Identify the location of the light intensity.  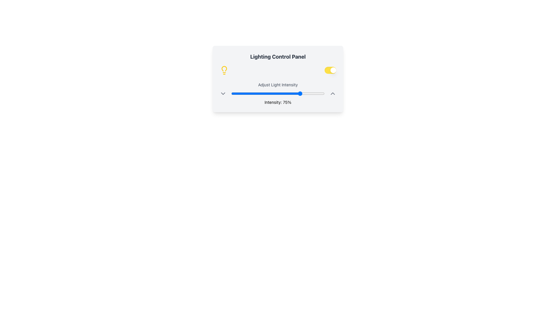
(297, 93).